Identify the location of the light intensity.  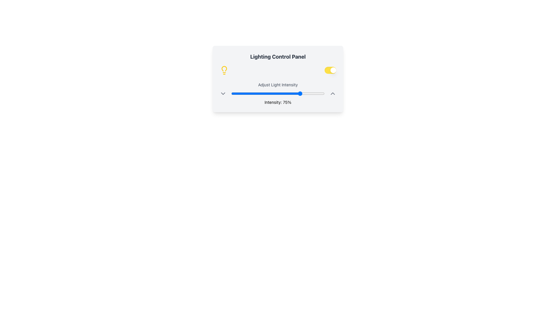
(297, 93).